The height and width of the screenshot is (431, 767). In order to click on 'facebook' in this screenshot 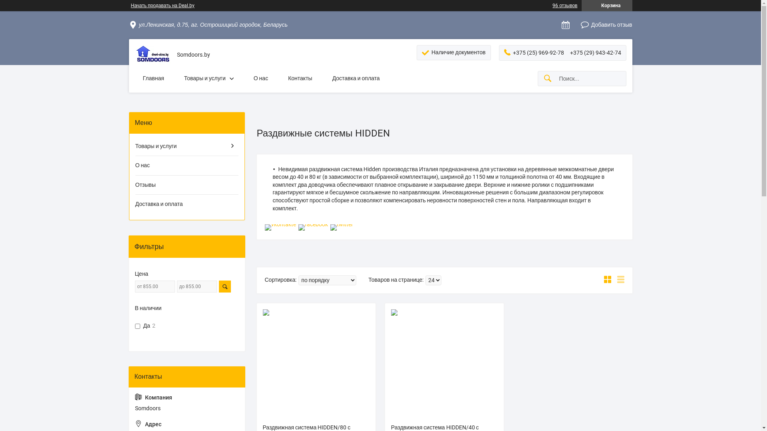, I will do `click(312, 224)`.